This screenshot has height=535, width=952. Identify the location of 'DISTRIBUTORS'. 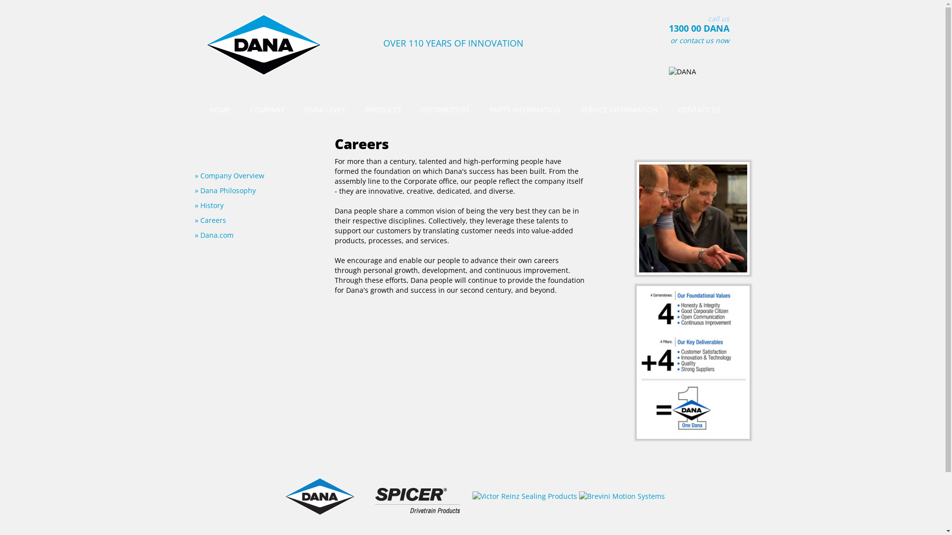
(444, 110).